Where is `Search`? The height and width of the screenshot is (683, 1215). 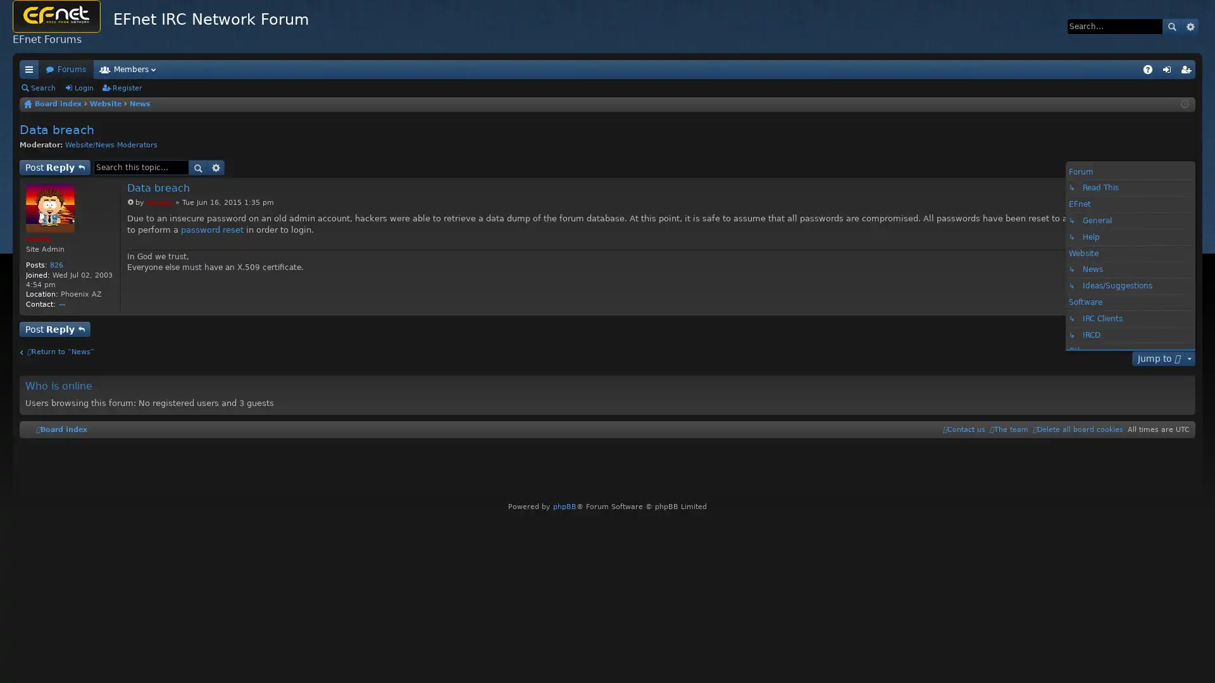
Search is located at coordinates (1171, 26).